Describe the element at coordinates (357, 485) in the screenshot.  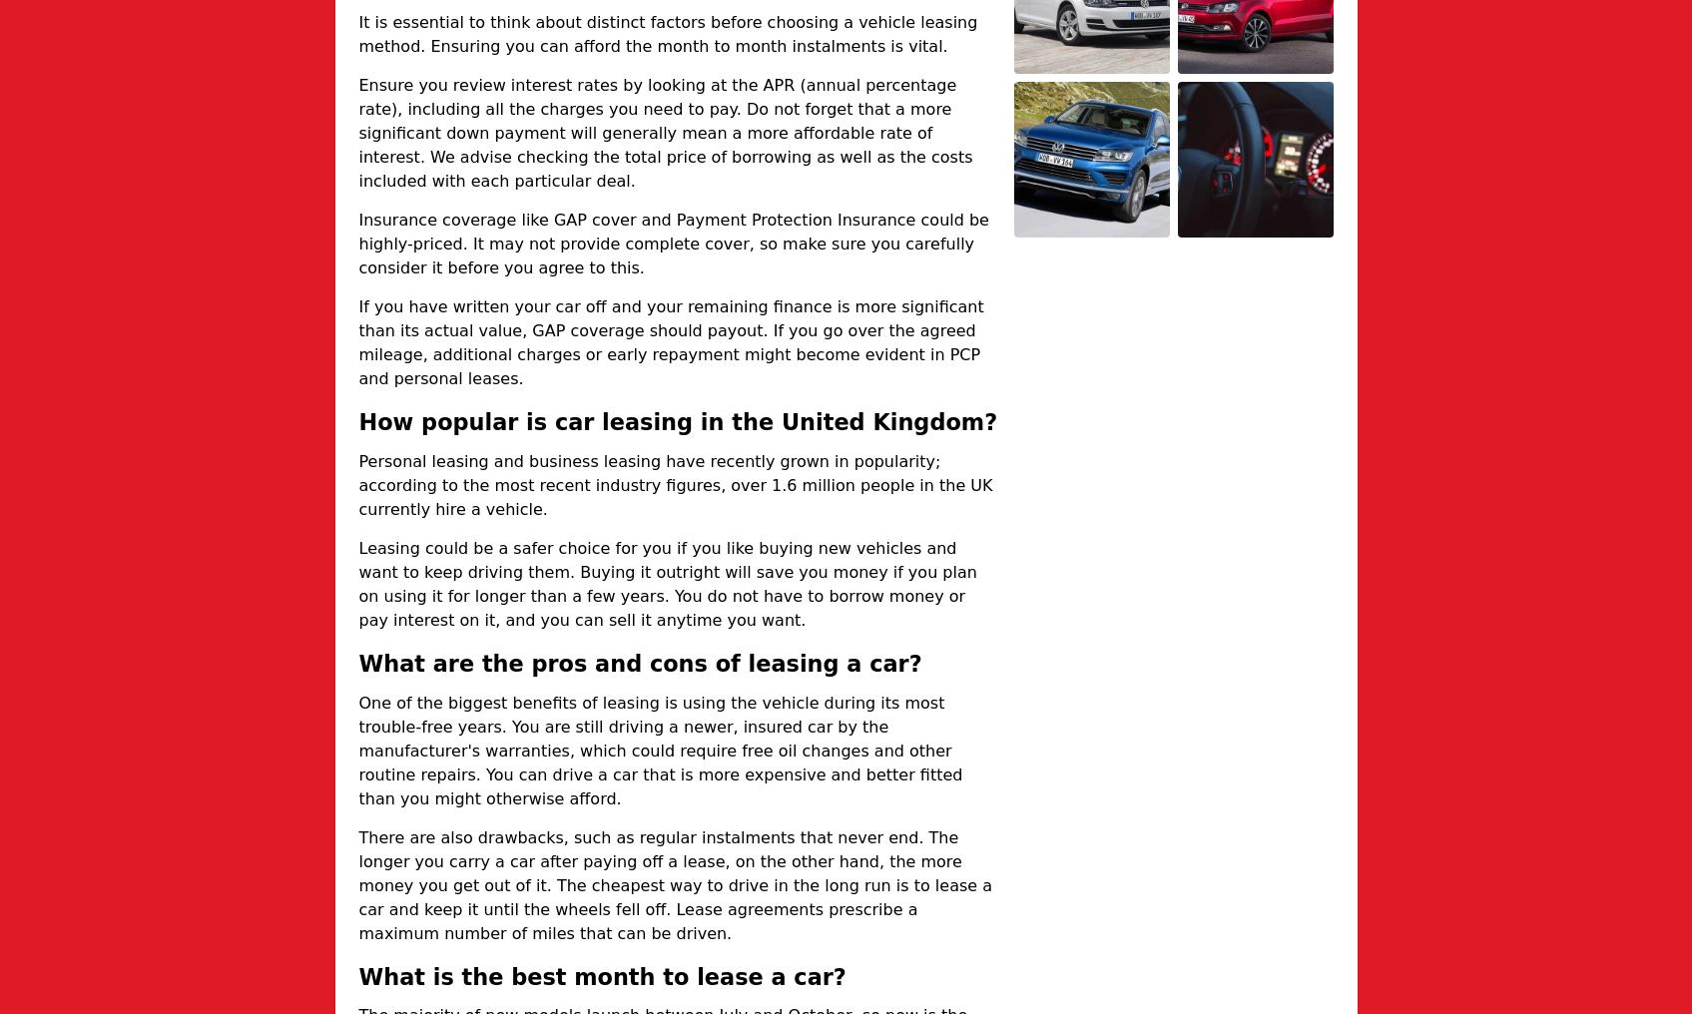
I see `'Personal leasing and business leasing have recently grown in popularity; according to the most recent industry figures, over 1.6 million people in the UK currently hire a vehicle.'` at that location.